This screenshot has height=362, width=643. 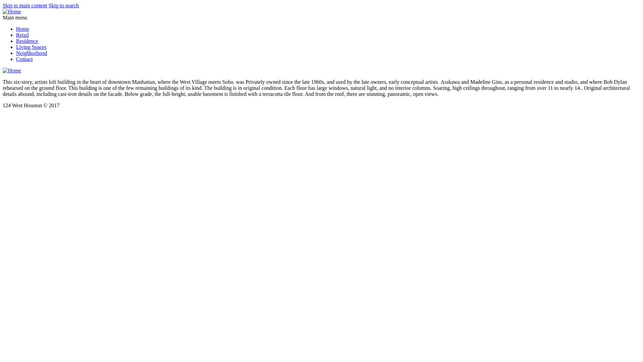 I want to click on 'Home', so click(x=12, y=11).